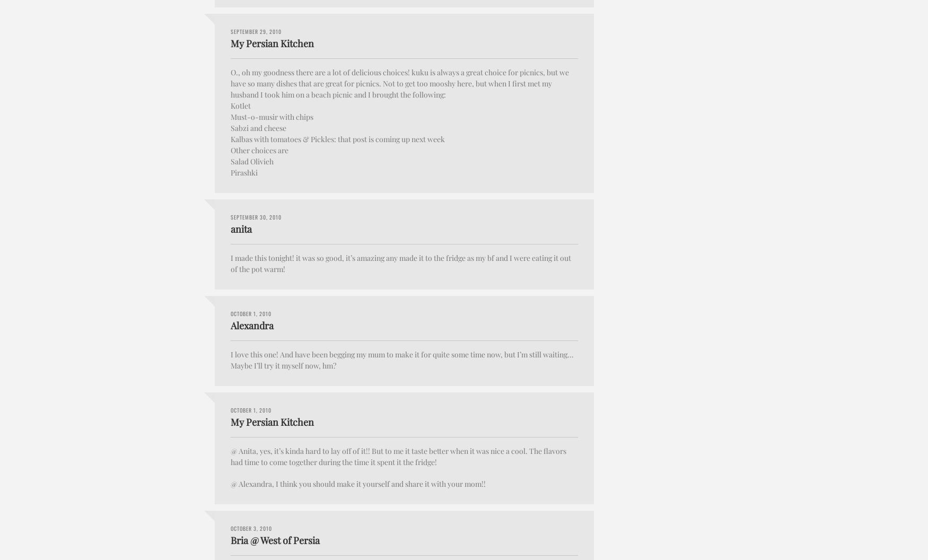 This screenshot has height=560, width=928. What do you see at coordinates (230, 539) in the screenshot?
I see `'Bria @ West of Persia'` at bounding box center [230, 539].